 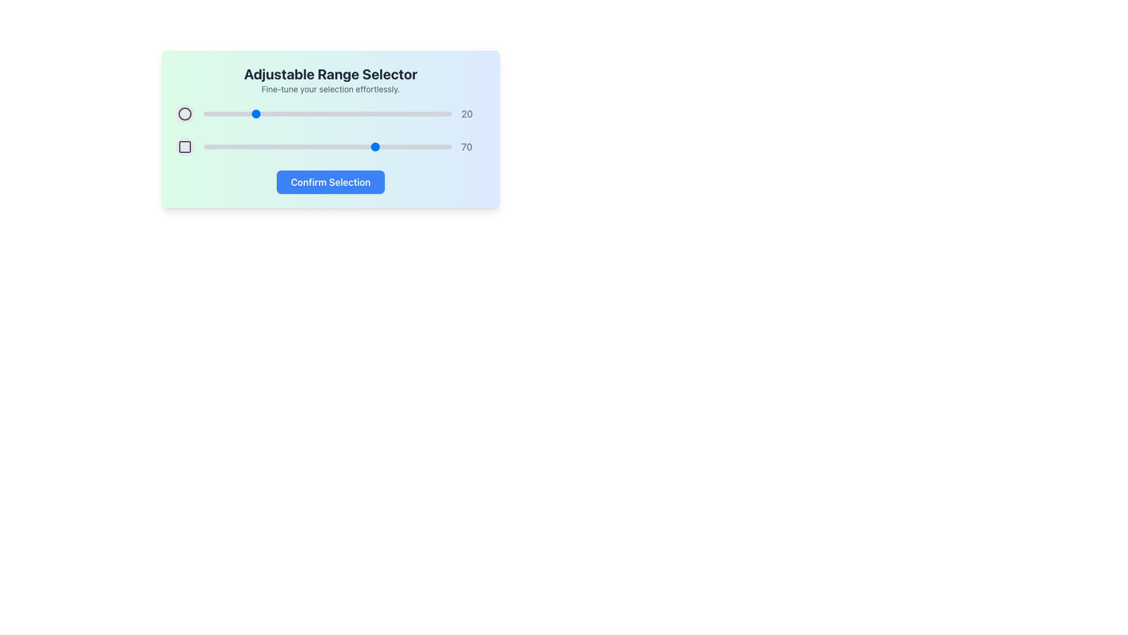 I want to click on the slider, so click(x=293, y=146).